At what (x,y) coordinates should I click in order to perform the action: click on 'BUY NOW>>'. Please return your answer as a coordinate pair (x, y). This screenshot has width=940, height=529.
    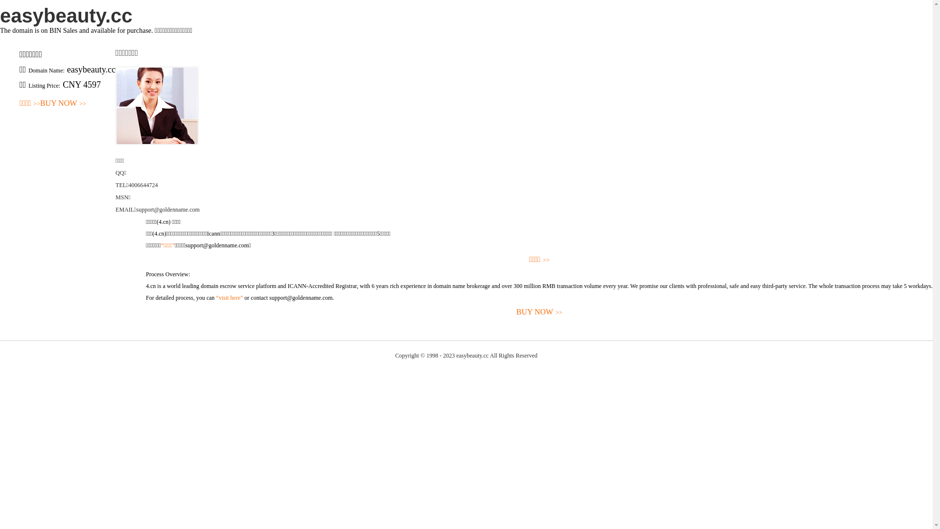
    Looking at the image, I should click on (63, 103).